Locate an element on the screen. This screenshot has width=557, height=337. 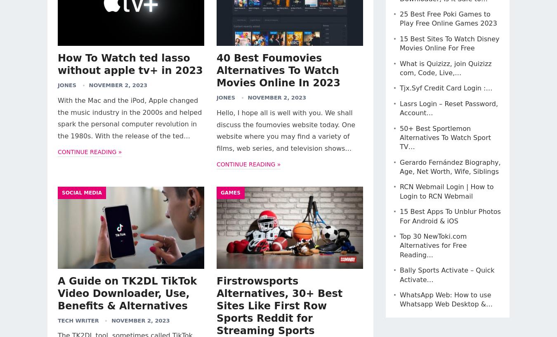
'What is Quizizz, join Quizizz com, Code, Live,…' is located at coordinates (446, 68).